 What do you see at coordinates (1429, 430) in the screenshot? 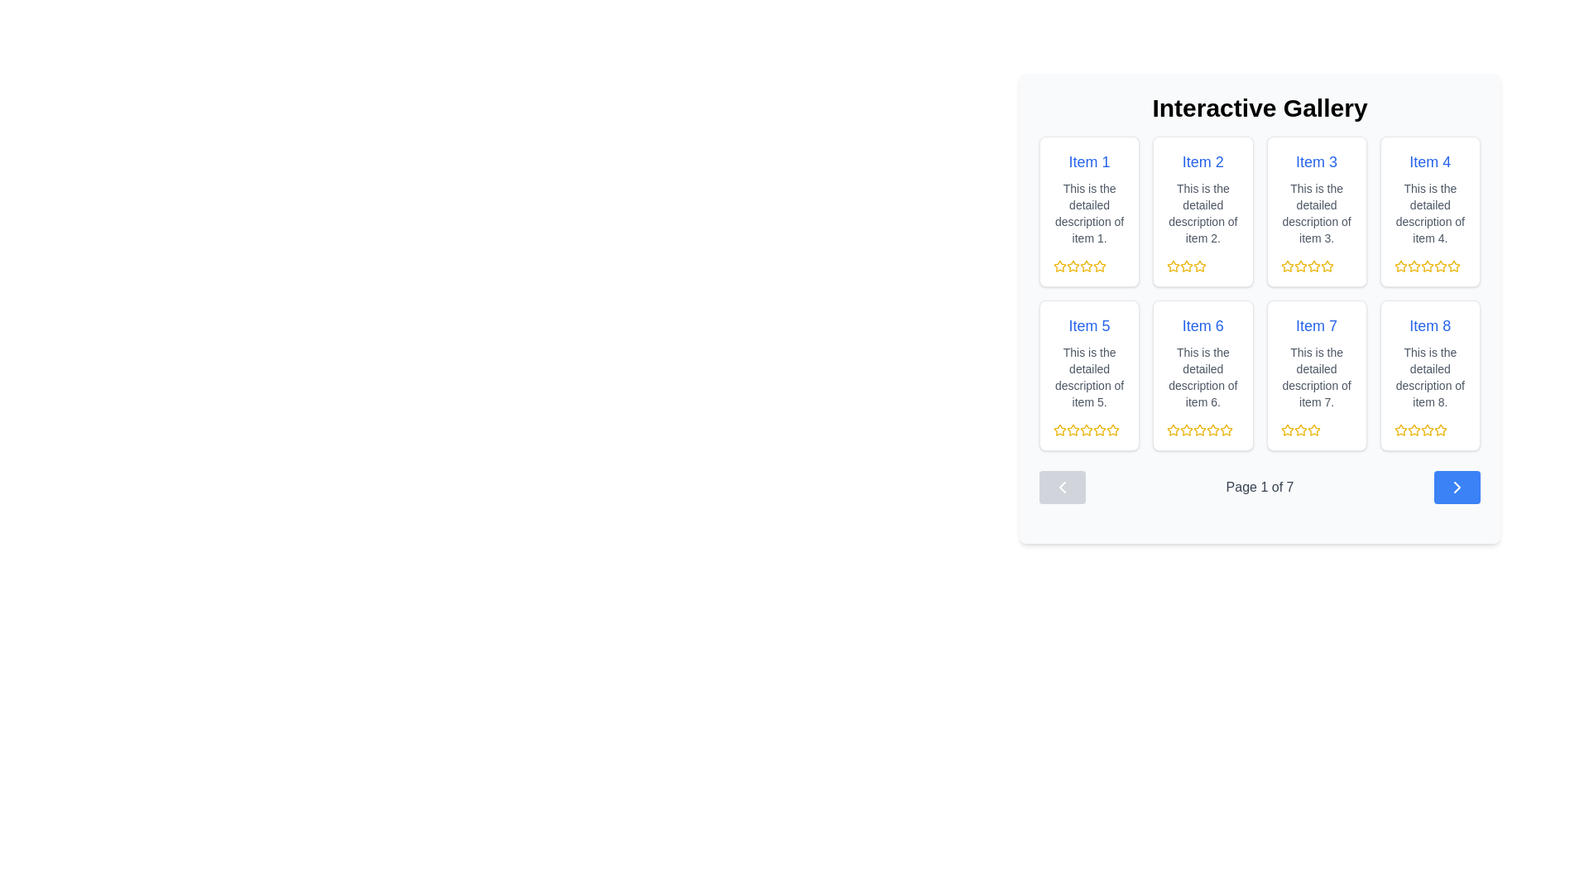
I see `the yellow rating stars component located in the 'Item 8' card beneath the description` at bounding box center [1429, 430].